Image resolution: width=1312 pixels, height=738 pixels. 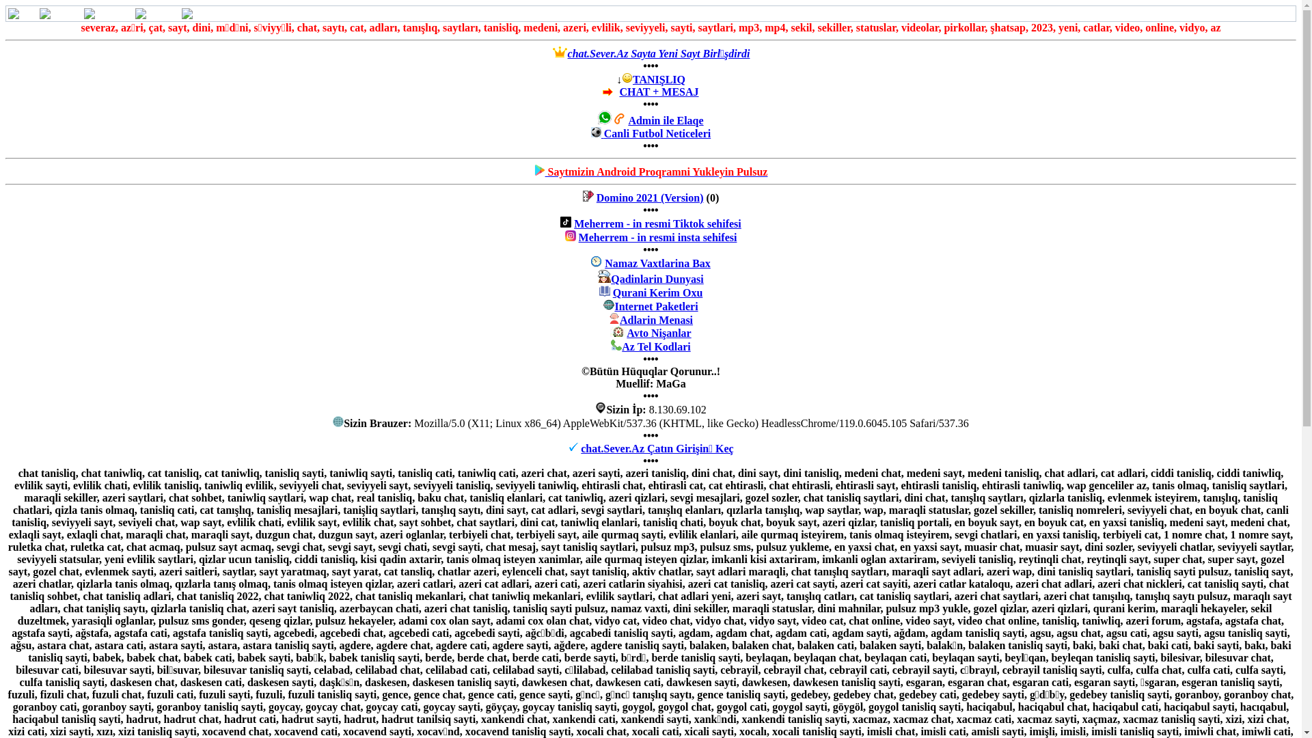 What do you see at coordinates (59, 13) in the screenshot?
I see `'Mesajlar'` at bounding box center [59, 13].